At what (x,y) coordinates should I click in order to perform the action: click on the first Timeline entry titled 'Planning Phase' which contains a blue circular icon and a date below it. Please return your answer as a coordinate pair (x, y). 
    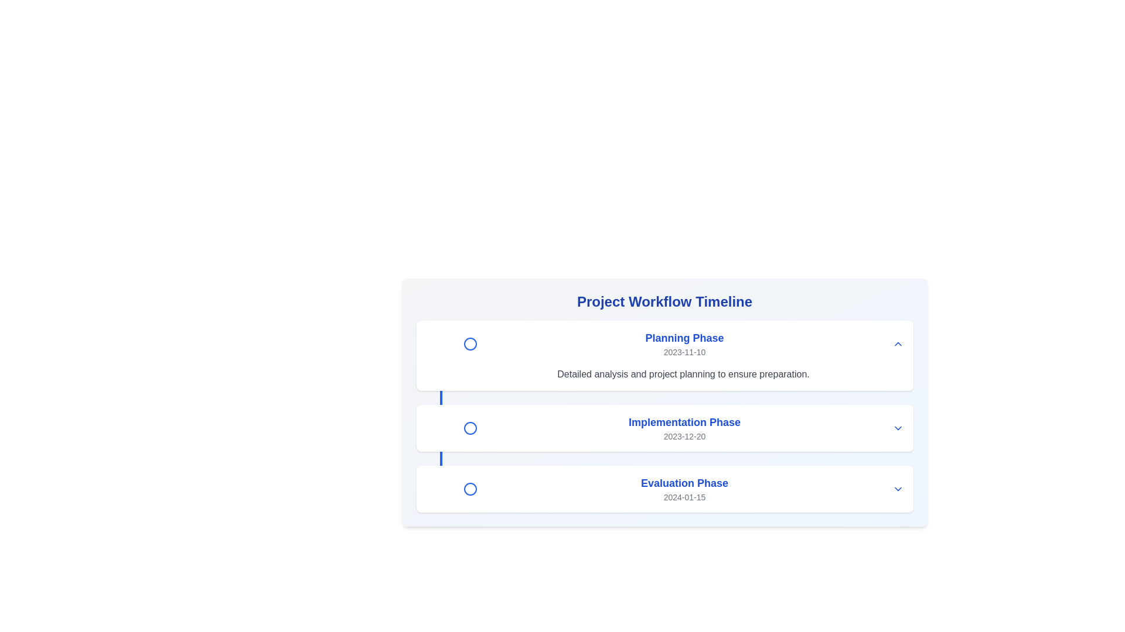
    Looking at the image, I should click on (683, 343).